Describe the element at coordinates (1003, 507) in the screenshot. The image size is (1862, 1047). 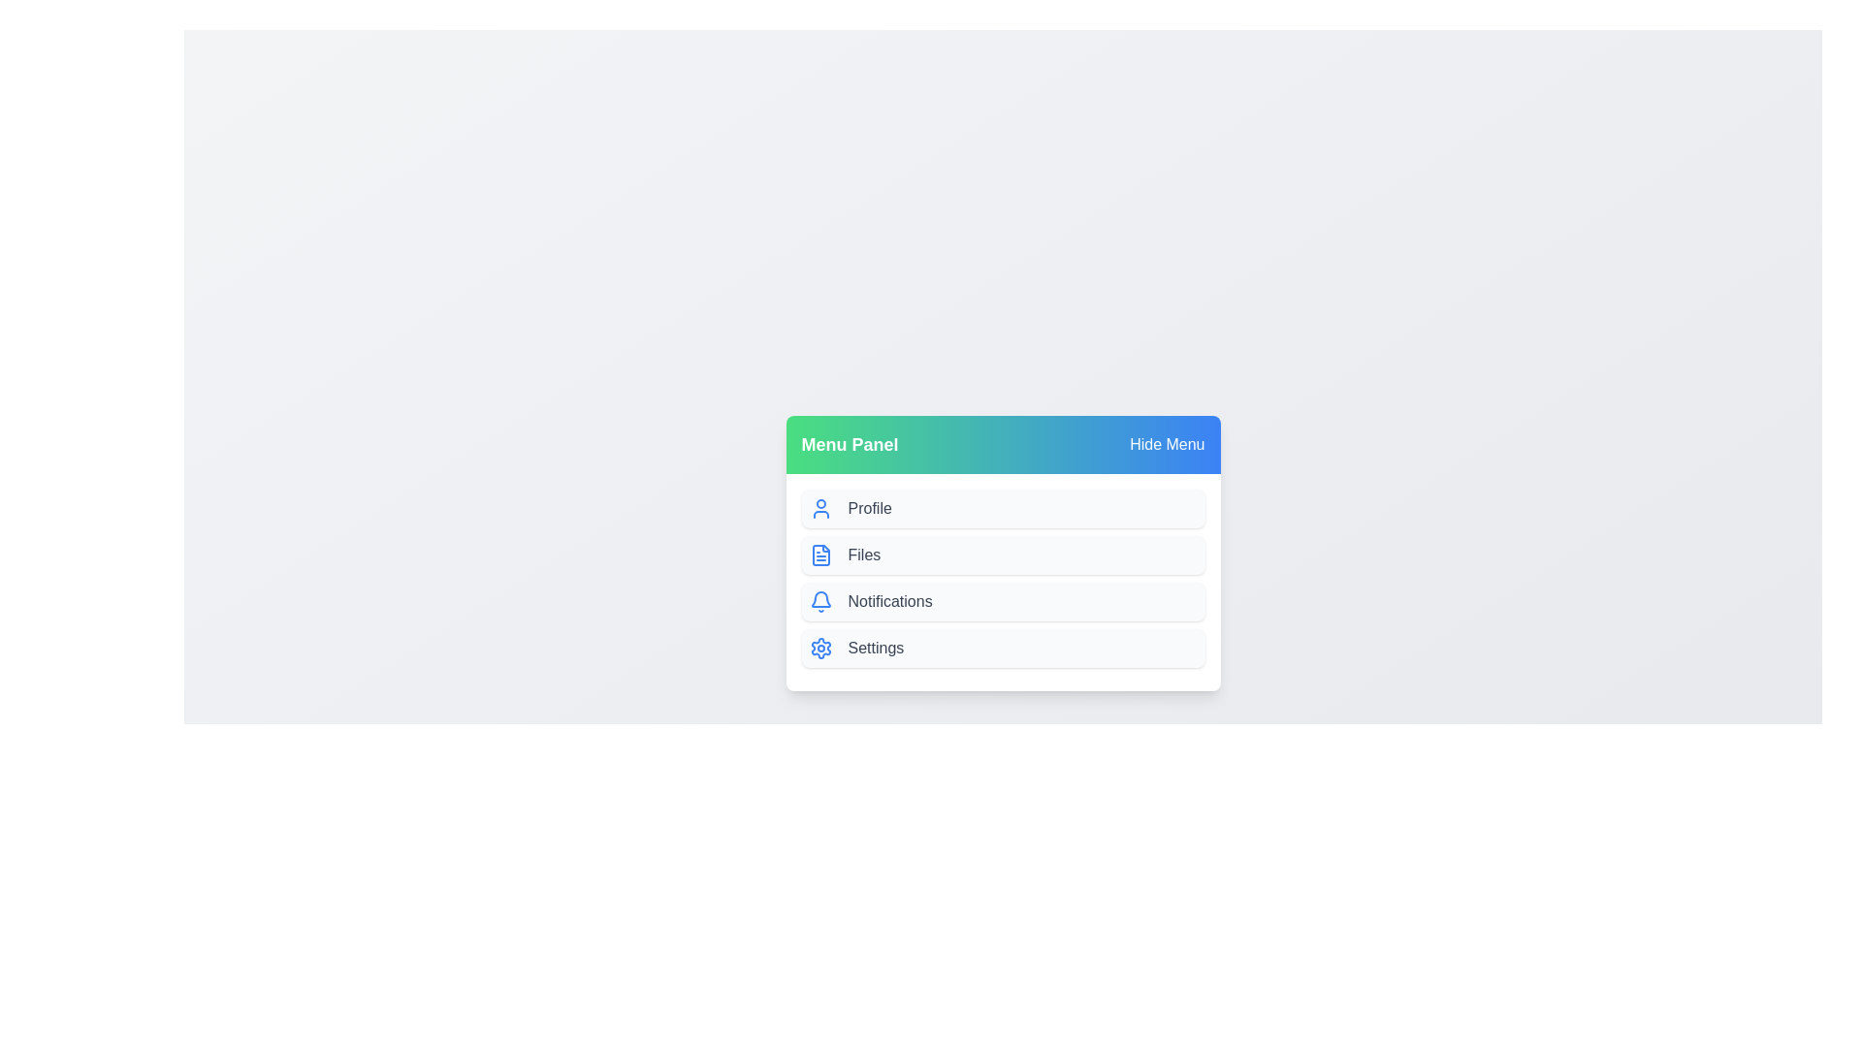
I see `the menu item Profile` at that location.